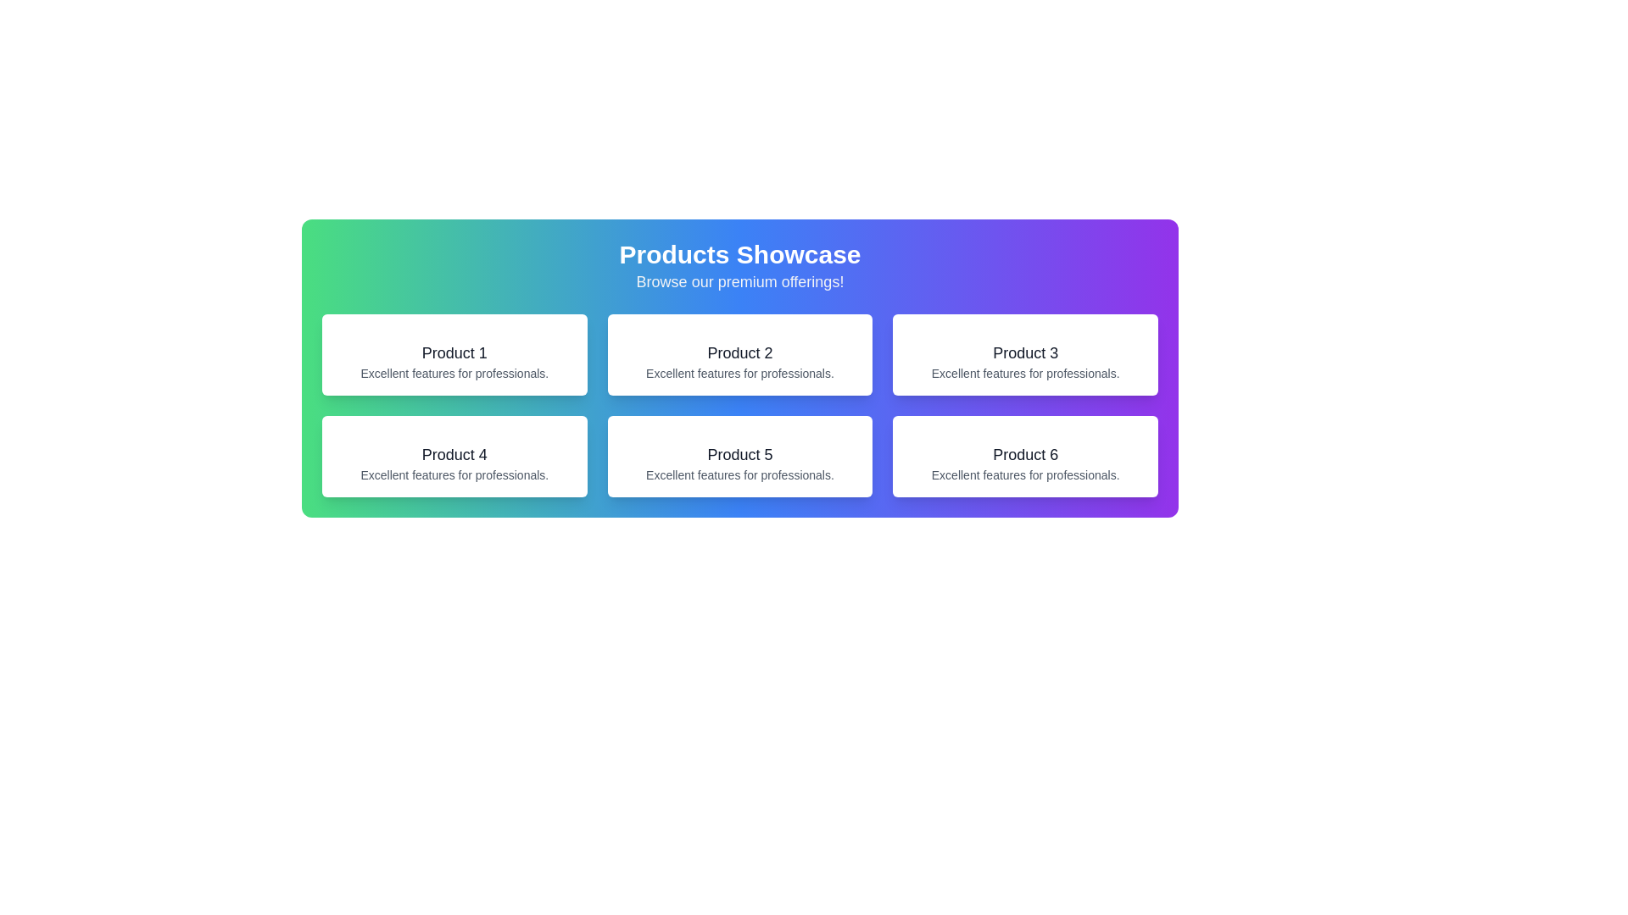 The width and height of the screenshot is (1628, 915). What do you see at coordinates (740, 372) in the screenshot?
I see `the text label displaying 'Excellent features for professionals.' located beneath the title 'Product 2'` at bounding box center [740, 372].